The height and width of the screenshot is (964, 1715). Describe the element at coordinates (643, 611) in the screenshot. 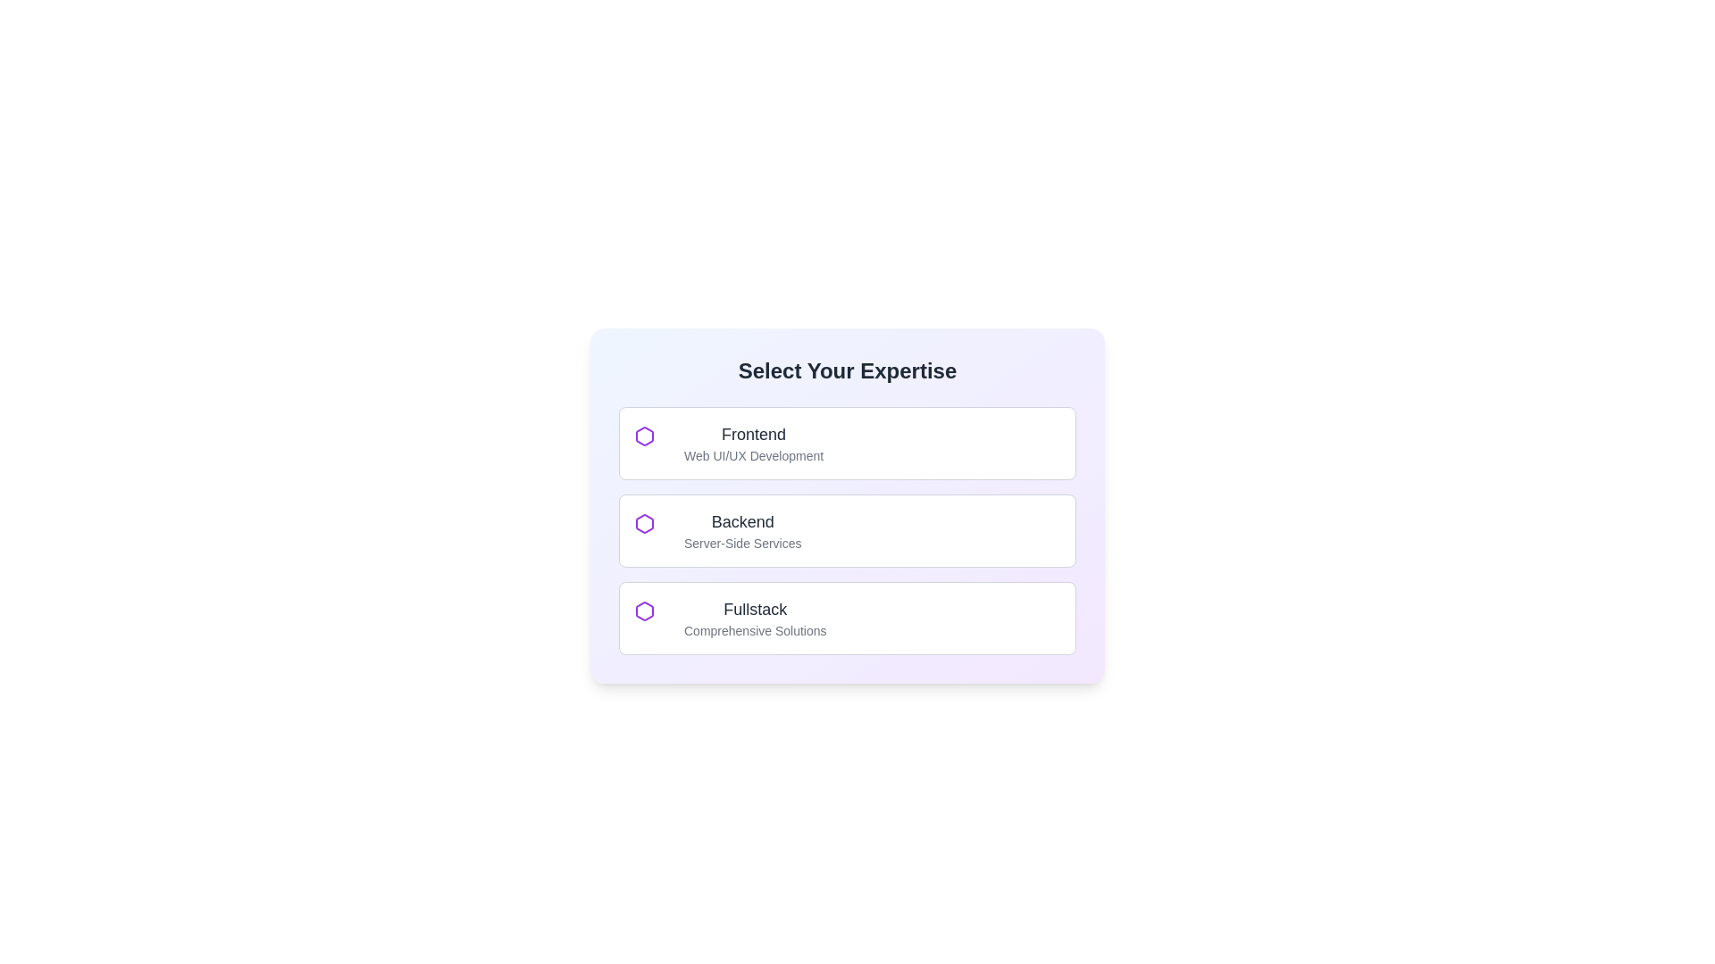

I see `the hexagonal SVG icon with purple stroked edges located to the left of the label 'Fullstack - Comprehensive Solutions' in the 'Select Your Expertise' section` at that location.